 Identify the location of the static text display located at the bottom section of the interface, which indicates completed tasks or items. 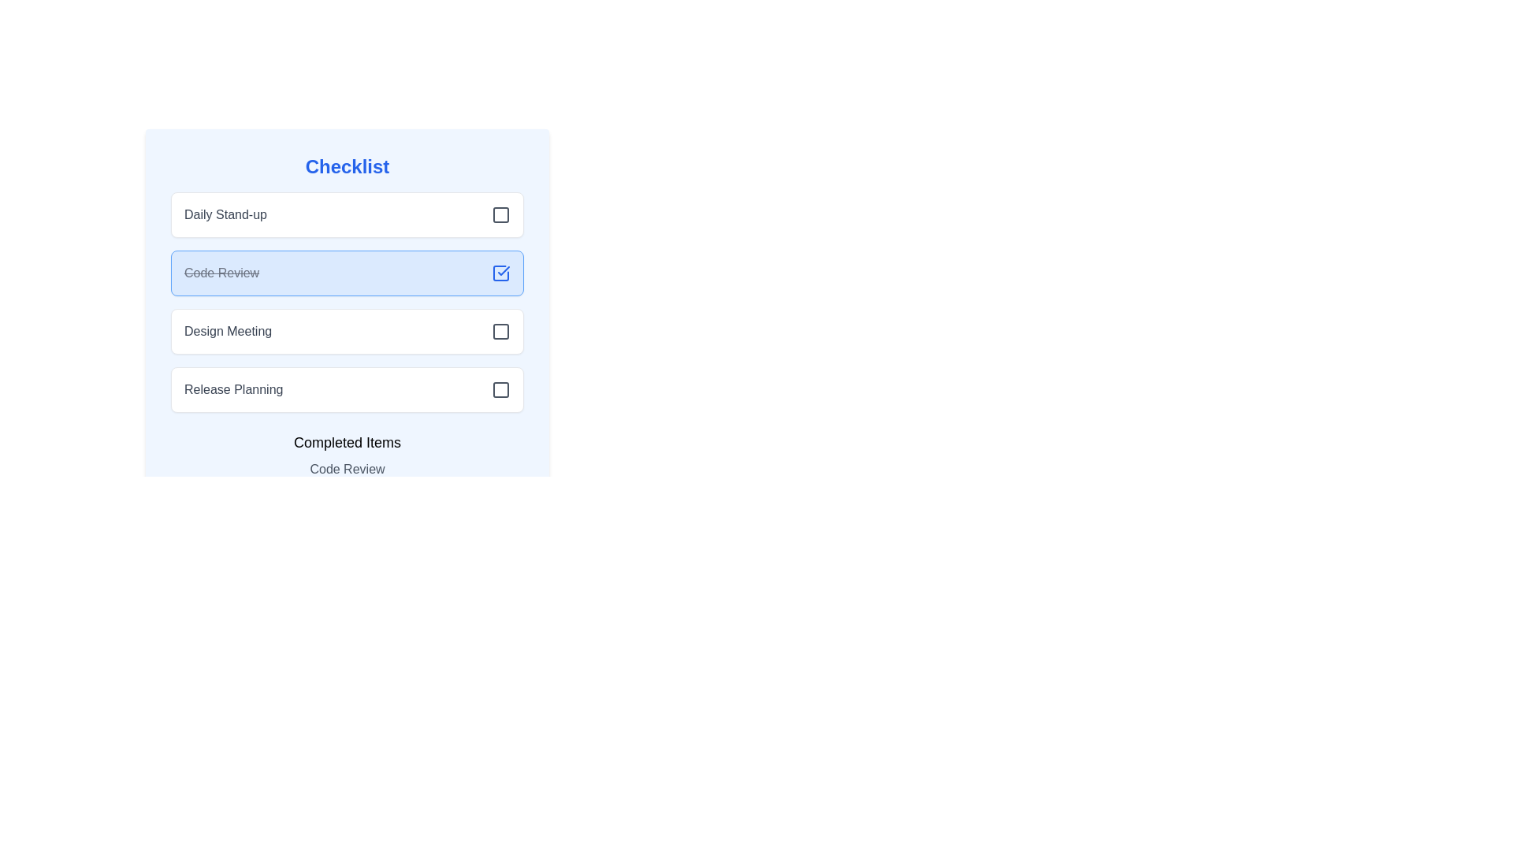
(347, 455).